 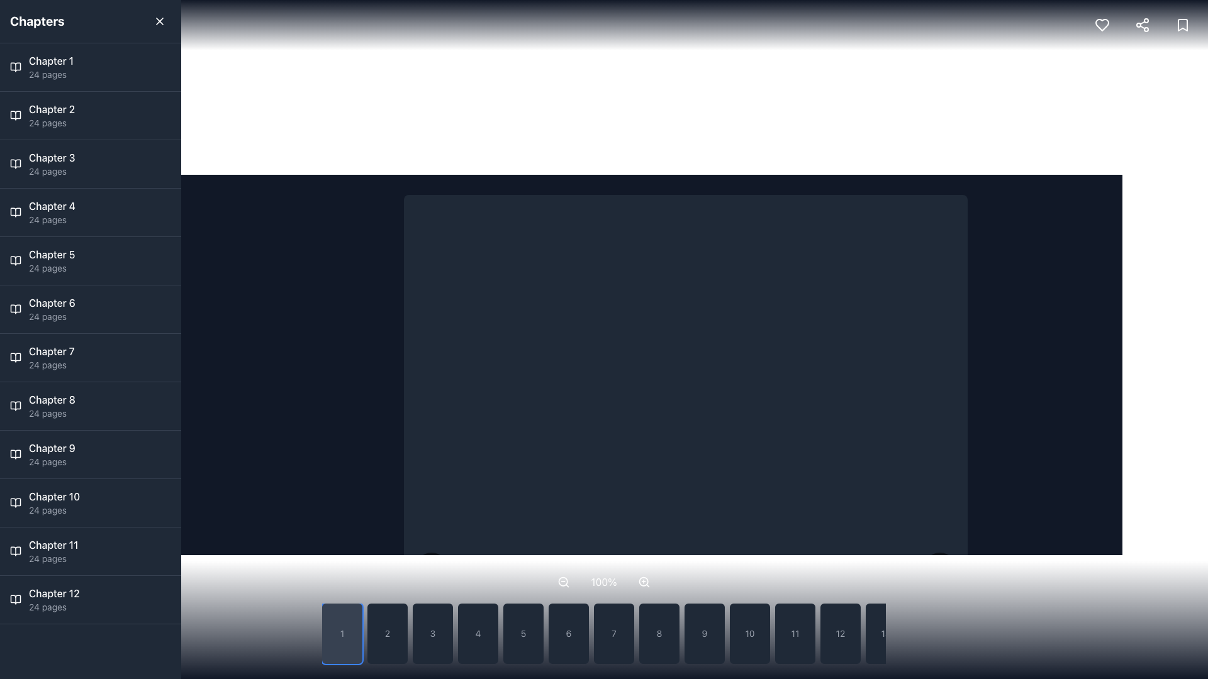 What do you see at coordinates (51, 454) in the screenshot?
I see `the Text label representing Chapter 9` at bounding box center [51, 454].